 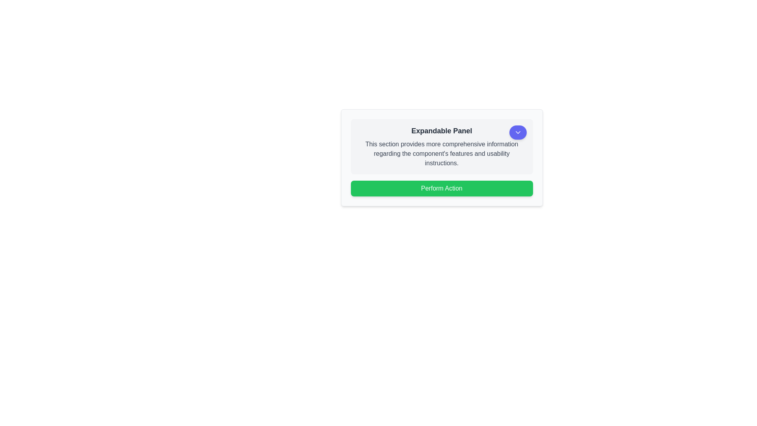 I want to click on the button with a green background and white text that reads 'Perform Action', located at the bottom-center of an expandable panel, so click(x=442, y=189).